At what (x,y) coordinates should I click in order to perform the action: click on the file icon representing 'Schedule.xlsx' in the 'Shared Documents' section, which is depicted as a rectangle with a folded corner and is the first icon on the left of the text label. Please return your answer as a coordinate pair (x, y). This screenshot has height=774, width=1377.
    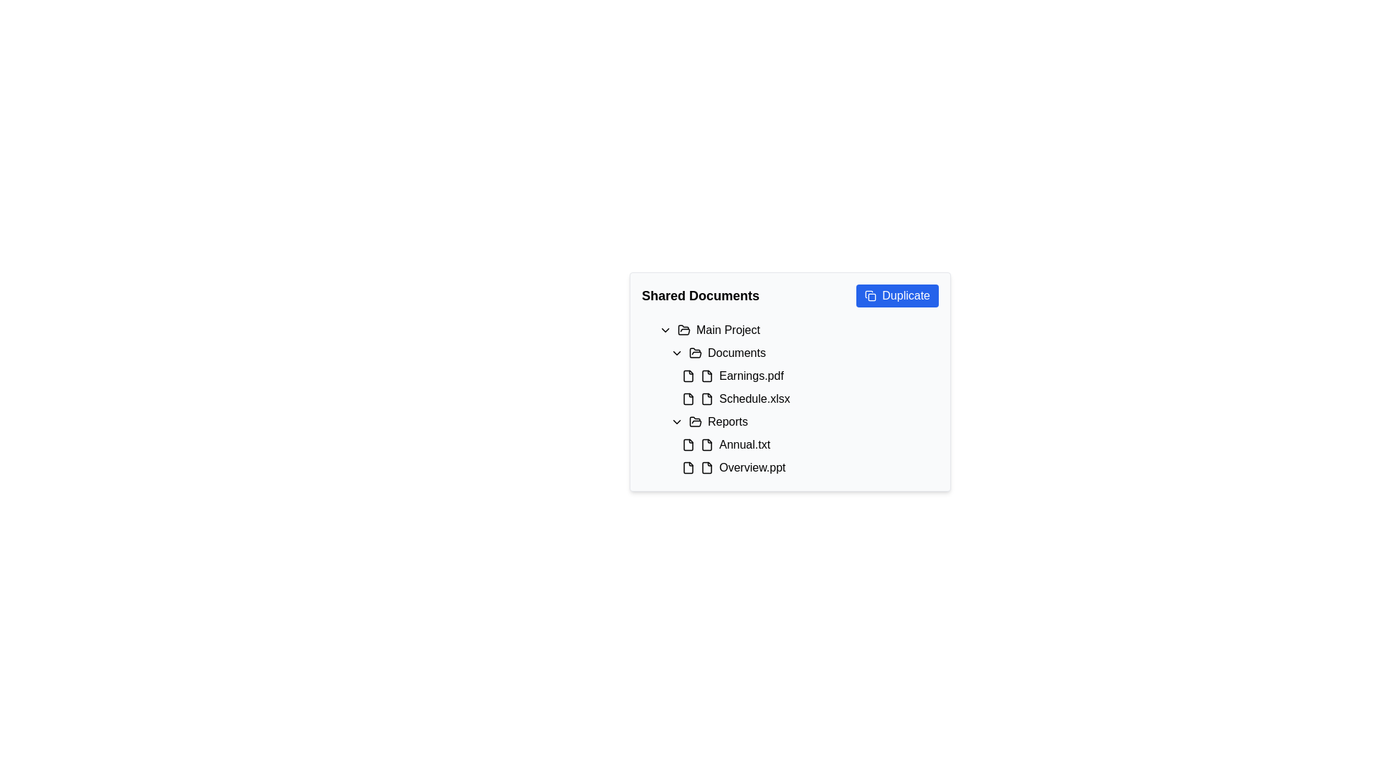
    Looking at the image, I should click on (688, 398).